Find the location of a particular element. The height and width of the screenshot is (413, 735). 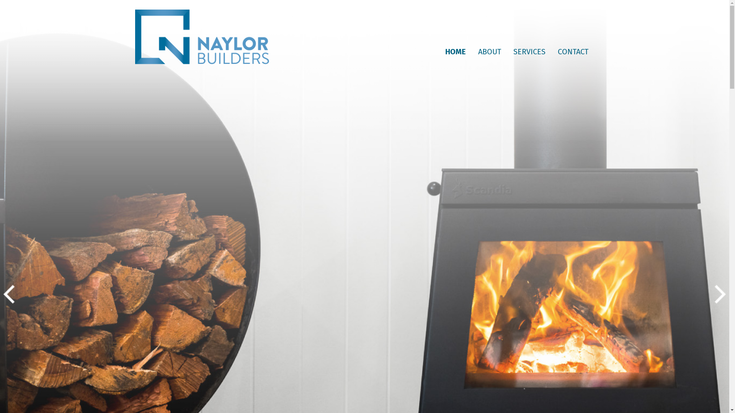

'CONTACT' is located at coordinates (551, 51).